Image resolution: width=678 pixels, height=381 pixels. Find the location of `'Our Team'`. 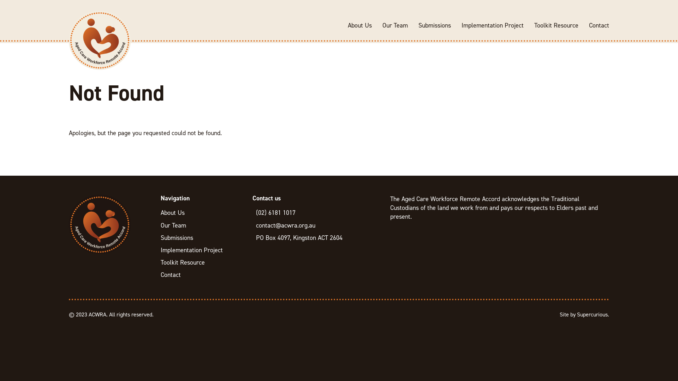

'Our Team' is located at coordinates (394, 25).